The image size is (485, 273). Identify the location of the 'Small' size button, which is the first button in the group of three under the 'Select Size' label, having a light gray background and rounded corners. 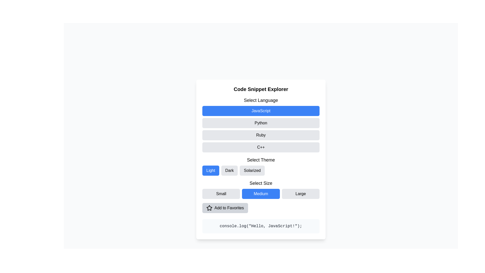
(221, 194).